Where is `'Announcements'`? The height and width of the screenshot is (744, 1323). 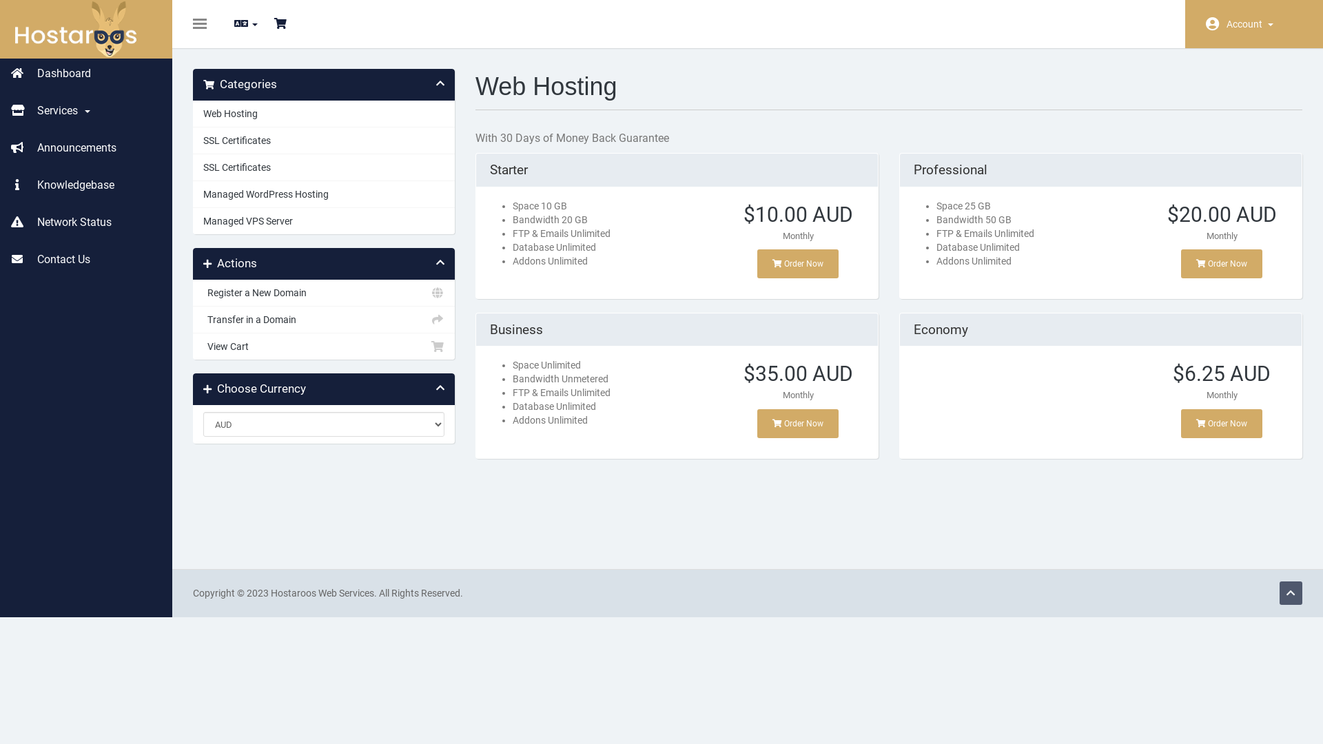 'Announcements' is located at coordinates (85, 148).